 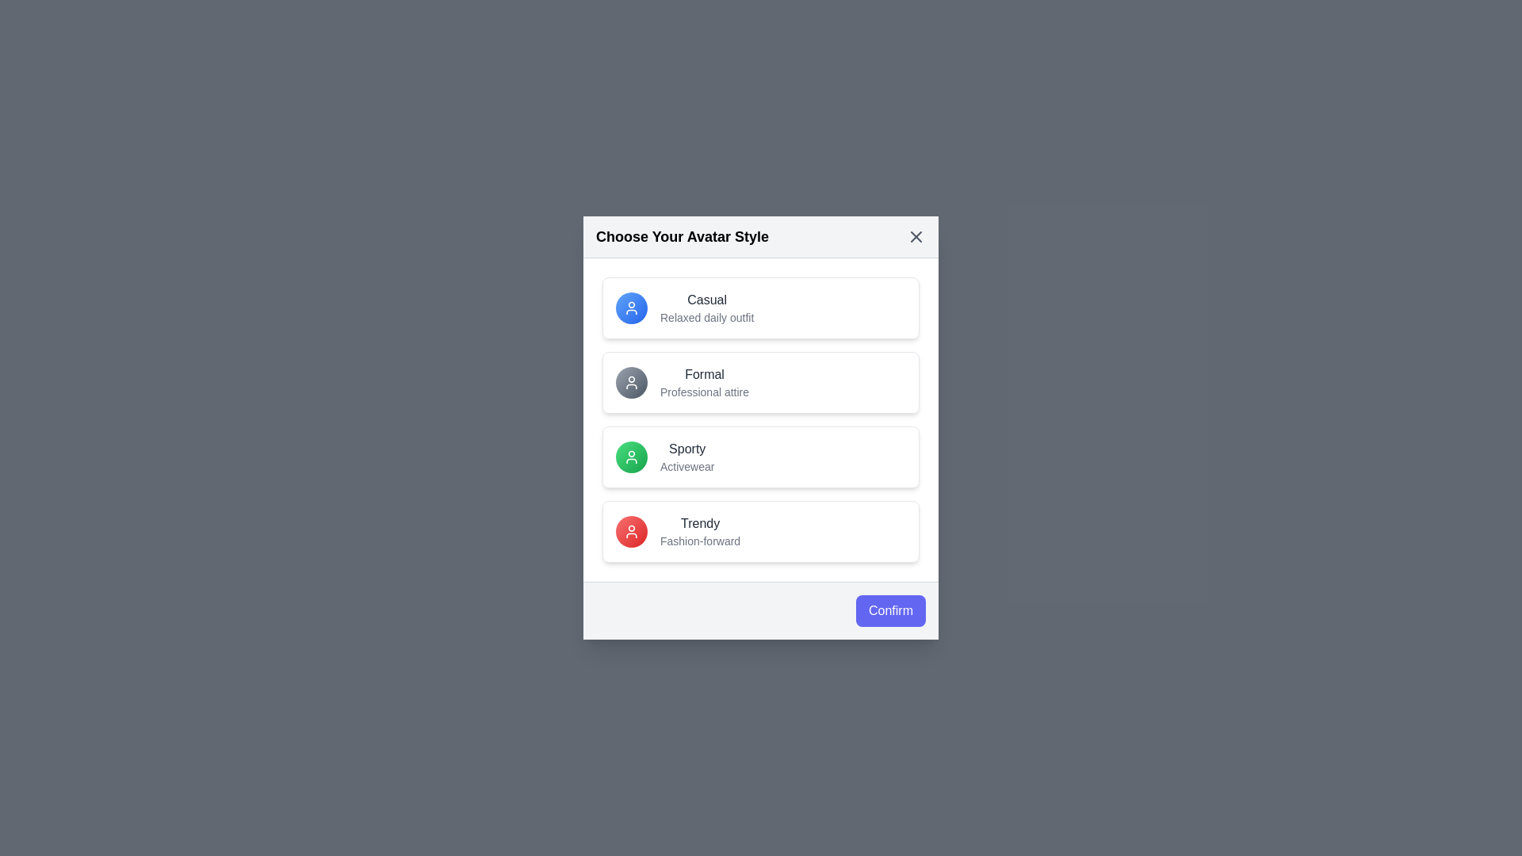 What do you see at coordinates (761, 457) in the screenshot?
I see `the avatar option labeled 'Sporty' to highlight it` at bounding box center [761, 457].